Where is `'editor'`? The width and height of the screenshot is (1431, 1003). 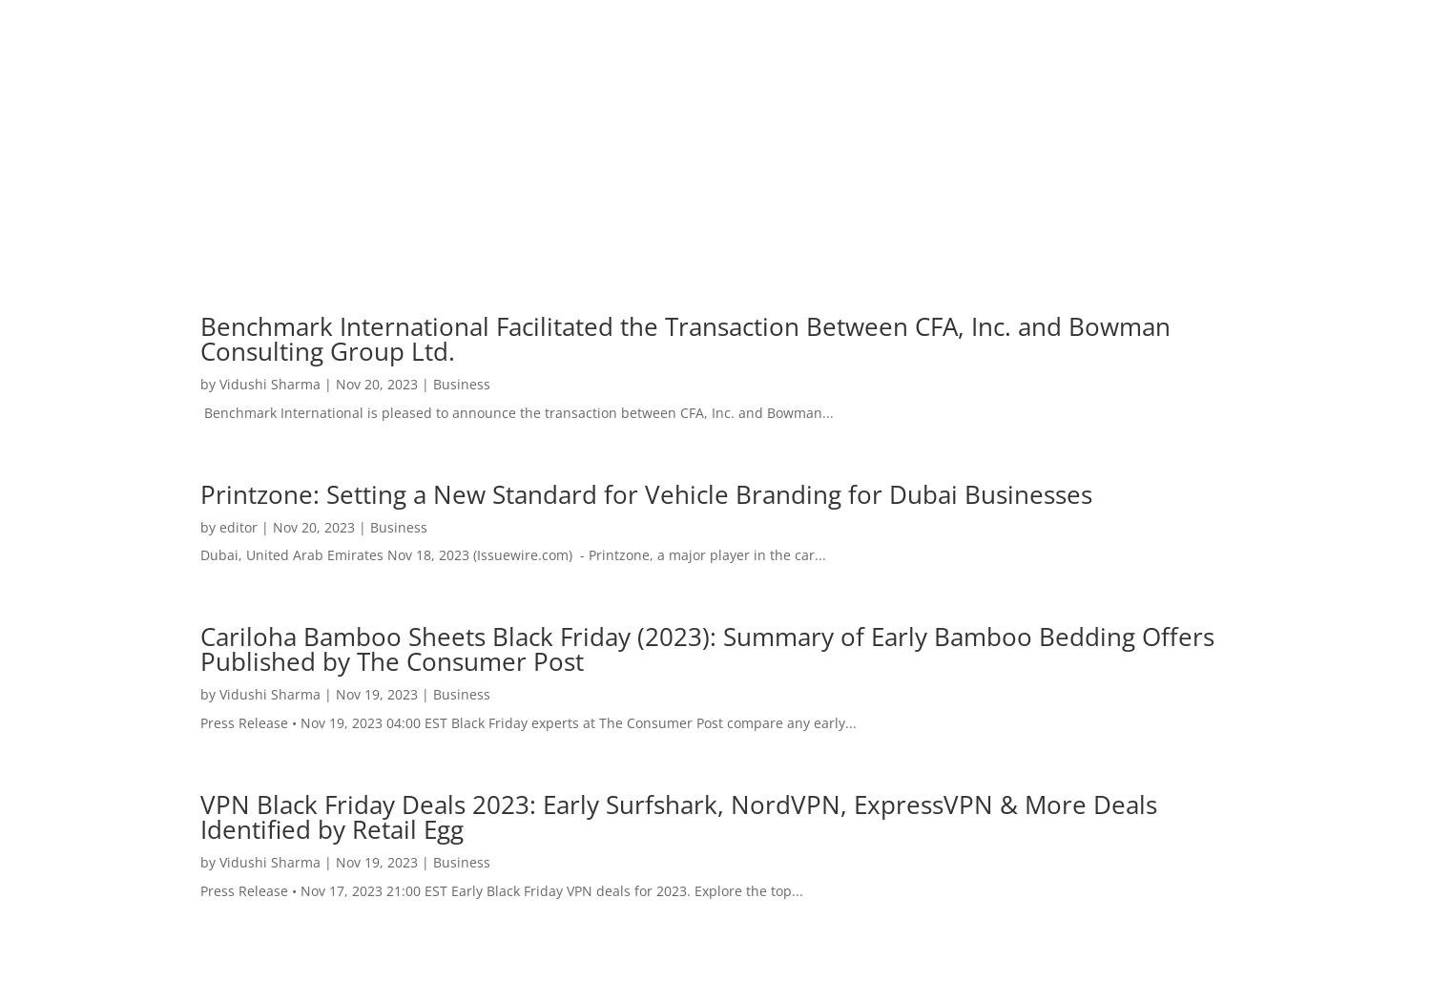
'editor' is located at coordinates (238, 525).